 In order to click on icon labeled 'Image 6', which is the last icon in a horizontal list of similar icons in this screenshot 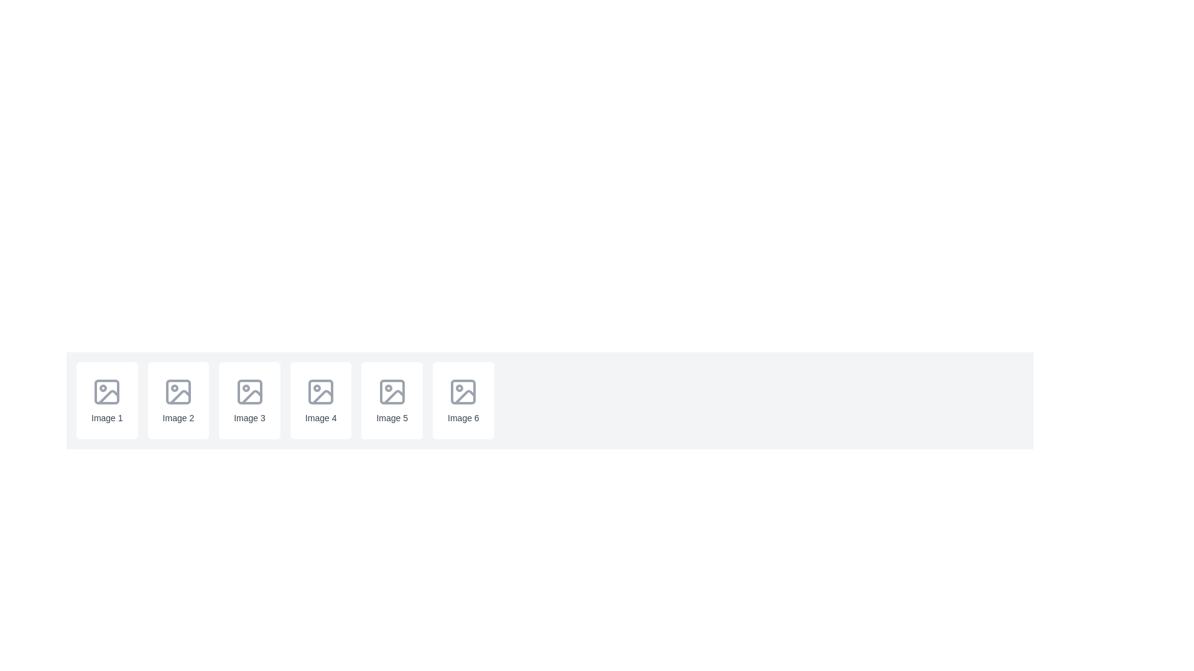, I will do `click(463, 392)`.